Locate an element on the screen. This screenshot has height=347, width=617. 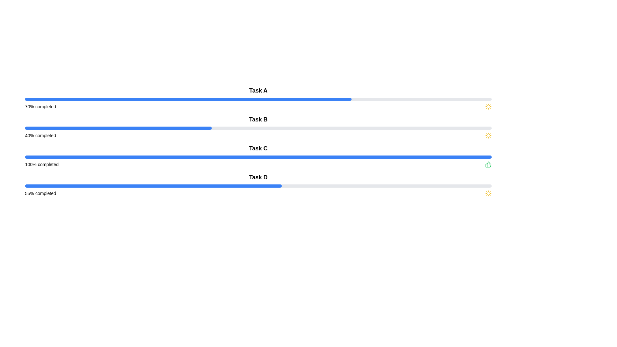
the label stating '100% completed' with a thumbs-up icon in green color, located in the bottom section of the grouping labeled 'Task C' is located at coordinates (258, 164).